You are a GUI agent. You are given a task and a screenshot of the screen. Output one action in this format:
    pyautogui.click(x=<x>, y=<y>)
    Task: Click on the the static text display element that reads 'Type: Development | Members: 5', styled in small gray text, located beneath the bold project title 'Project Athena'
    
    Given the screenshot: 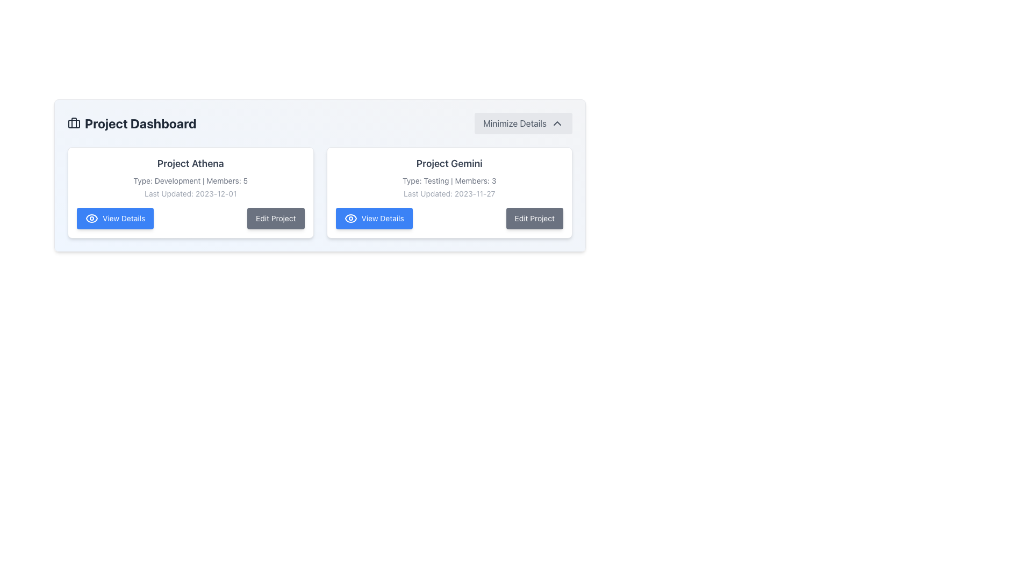 What is the action you would take?
    pyautogui.click(x=190, y=180)
    